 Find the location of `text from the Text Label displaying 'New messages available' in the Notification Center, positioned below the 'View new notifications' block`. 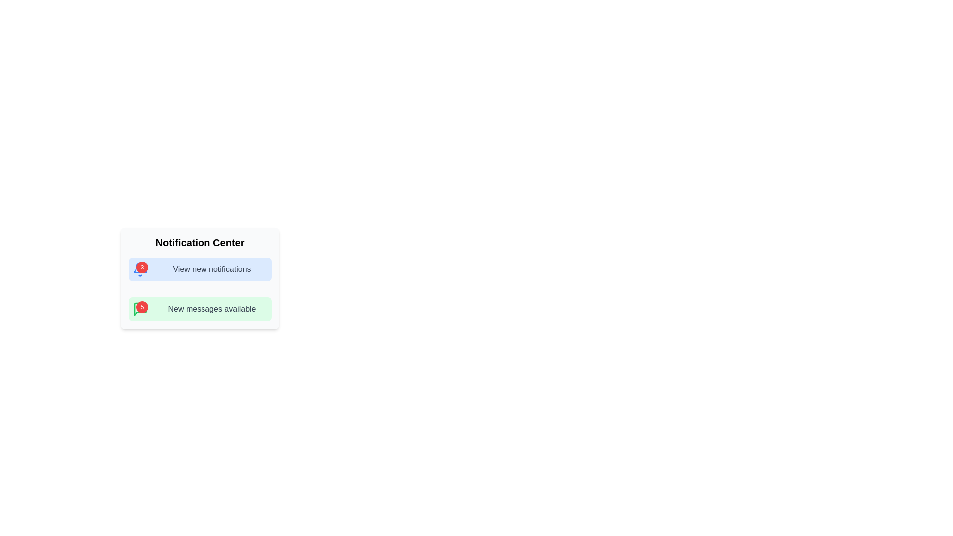

text from the Text Label displaying 'New messages available' in the Notification Center, positioned below the 'View new notifications' block is located at coordinates (211, 309).